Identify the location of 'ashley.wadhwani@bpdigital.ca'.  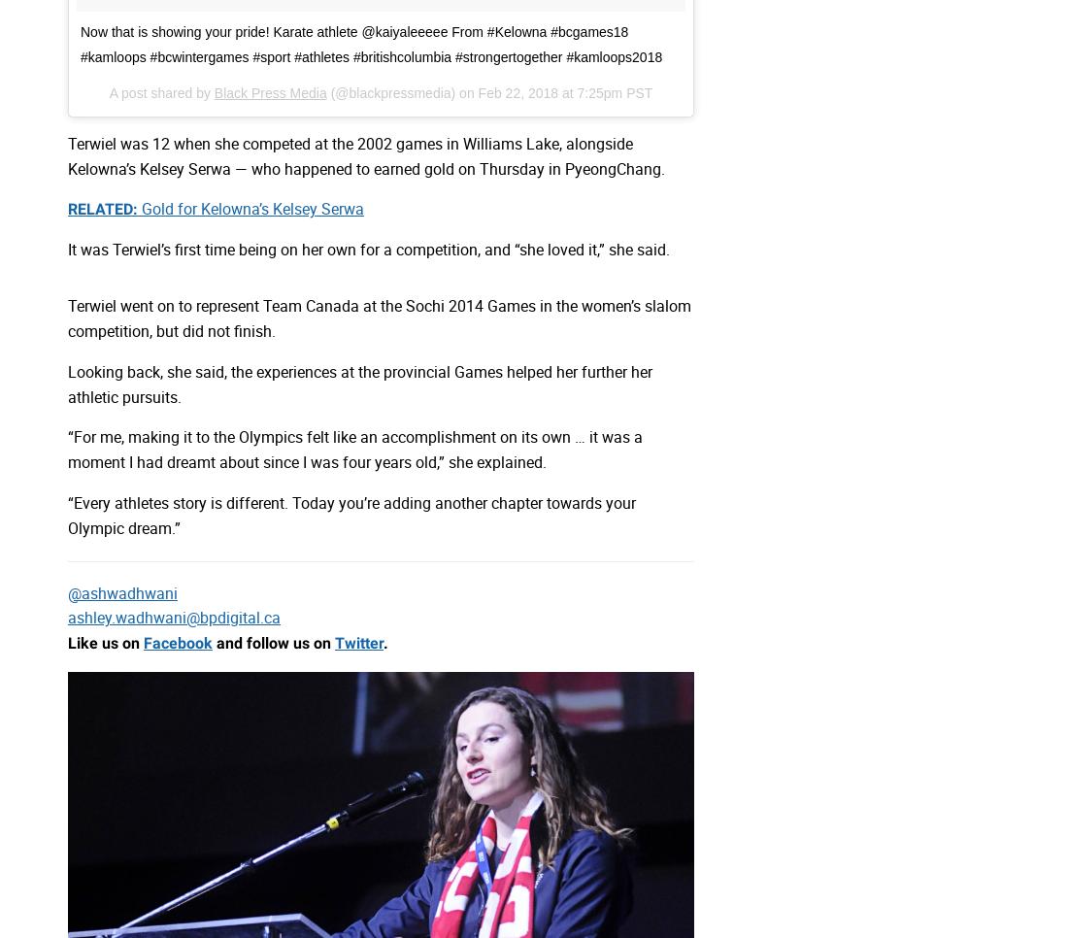
(173, 617).